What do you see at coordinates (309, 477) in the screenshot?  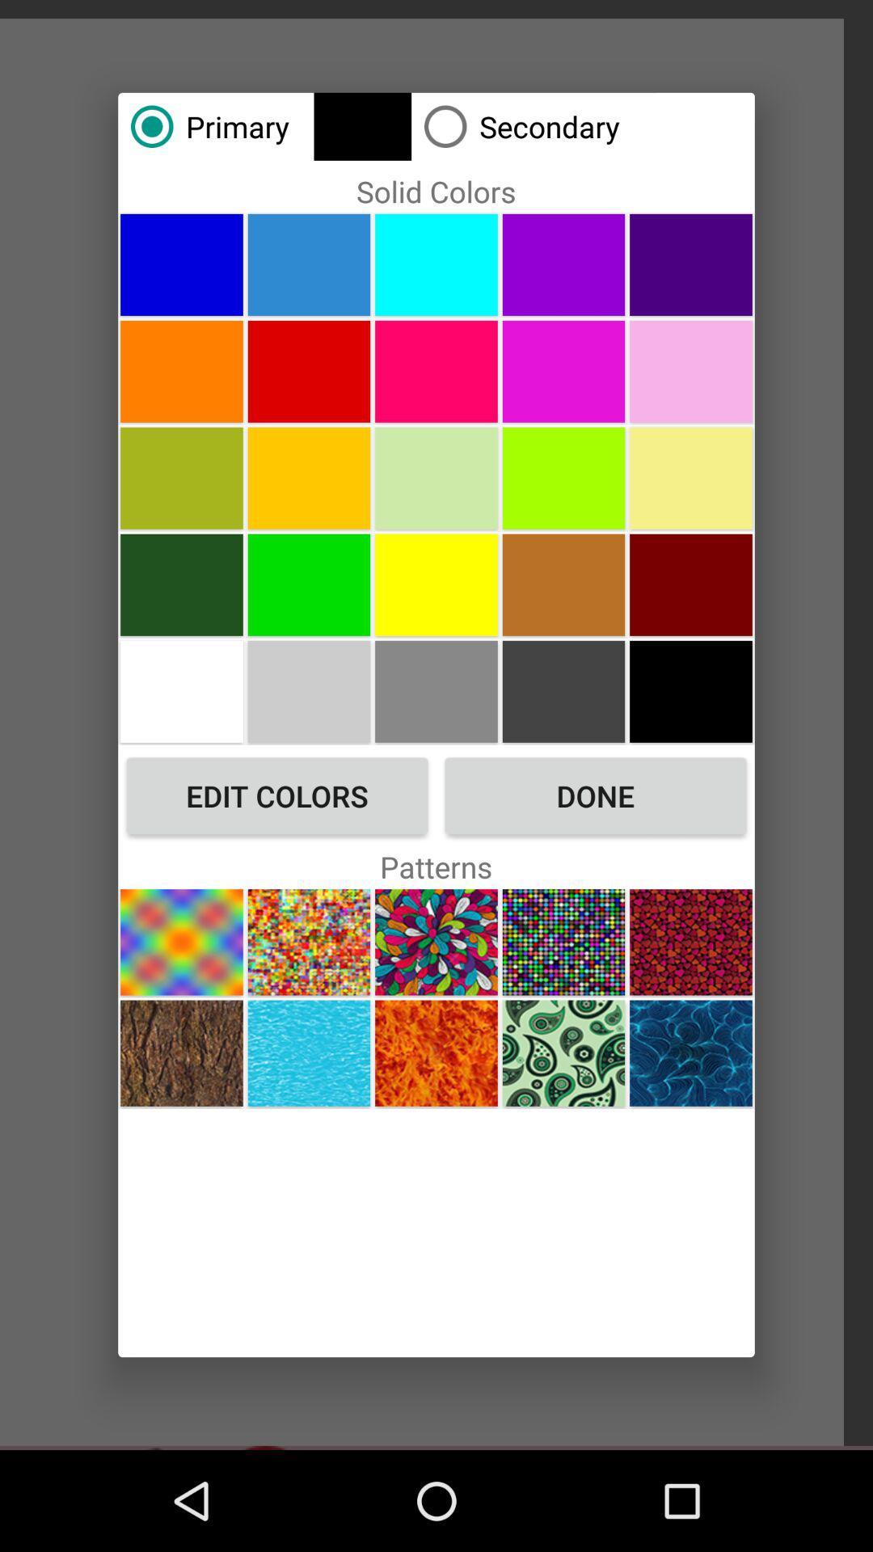 I see `this color` at bounding box center [309, 477].